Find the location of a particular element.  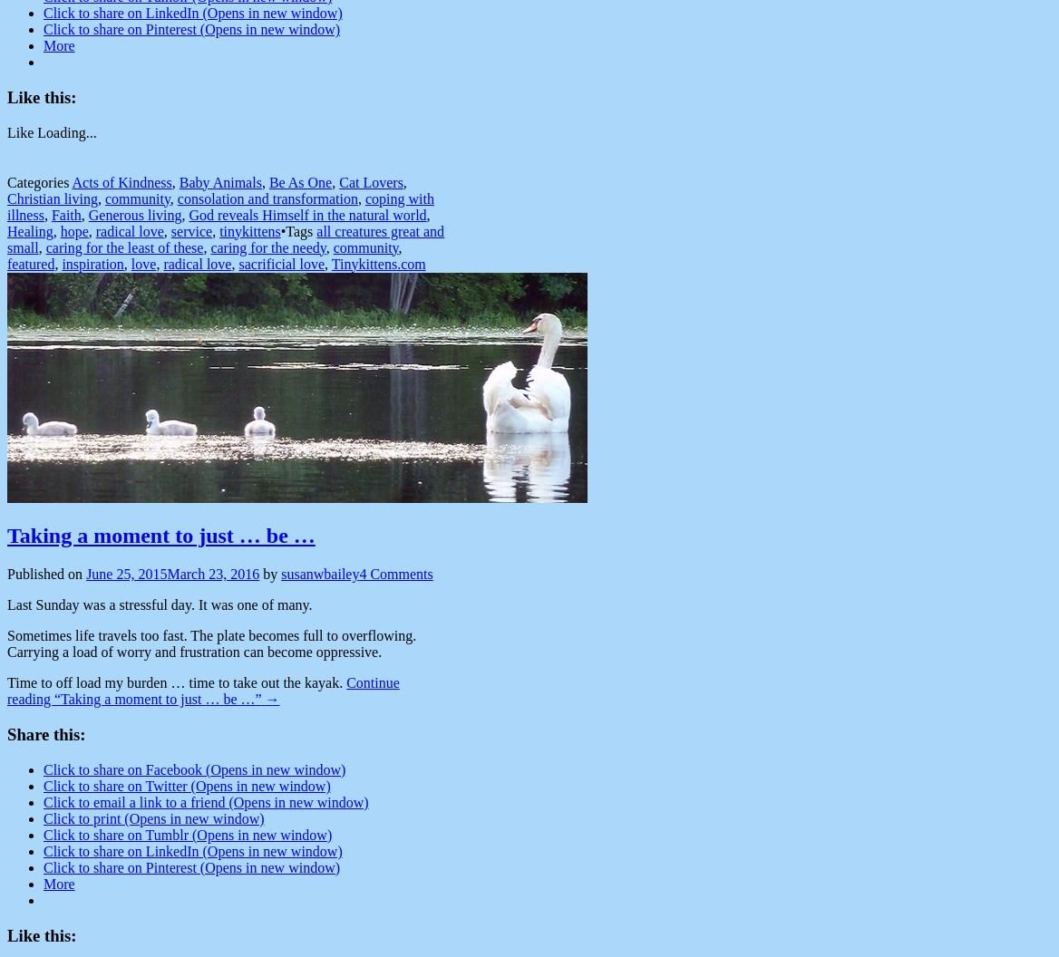

'Click to share on Facebook (Opens in new window)' is located at coordinates (194, 768).